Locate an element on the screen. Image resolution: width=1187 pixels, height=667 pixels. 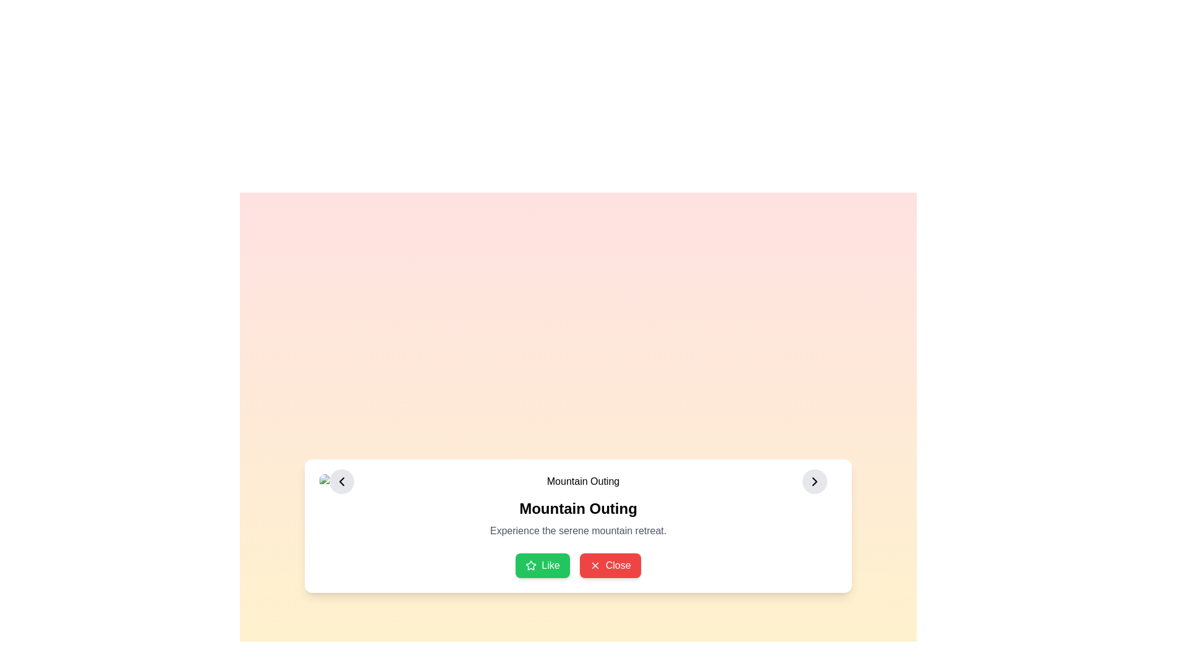
the circular button with a light gray background and a leftward arrow icon is located at coordinates (341, 480).